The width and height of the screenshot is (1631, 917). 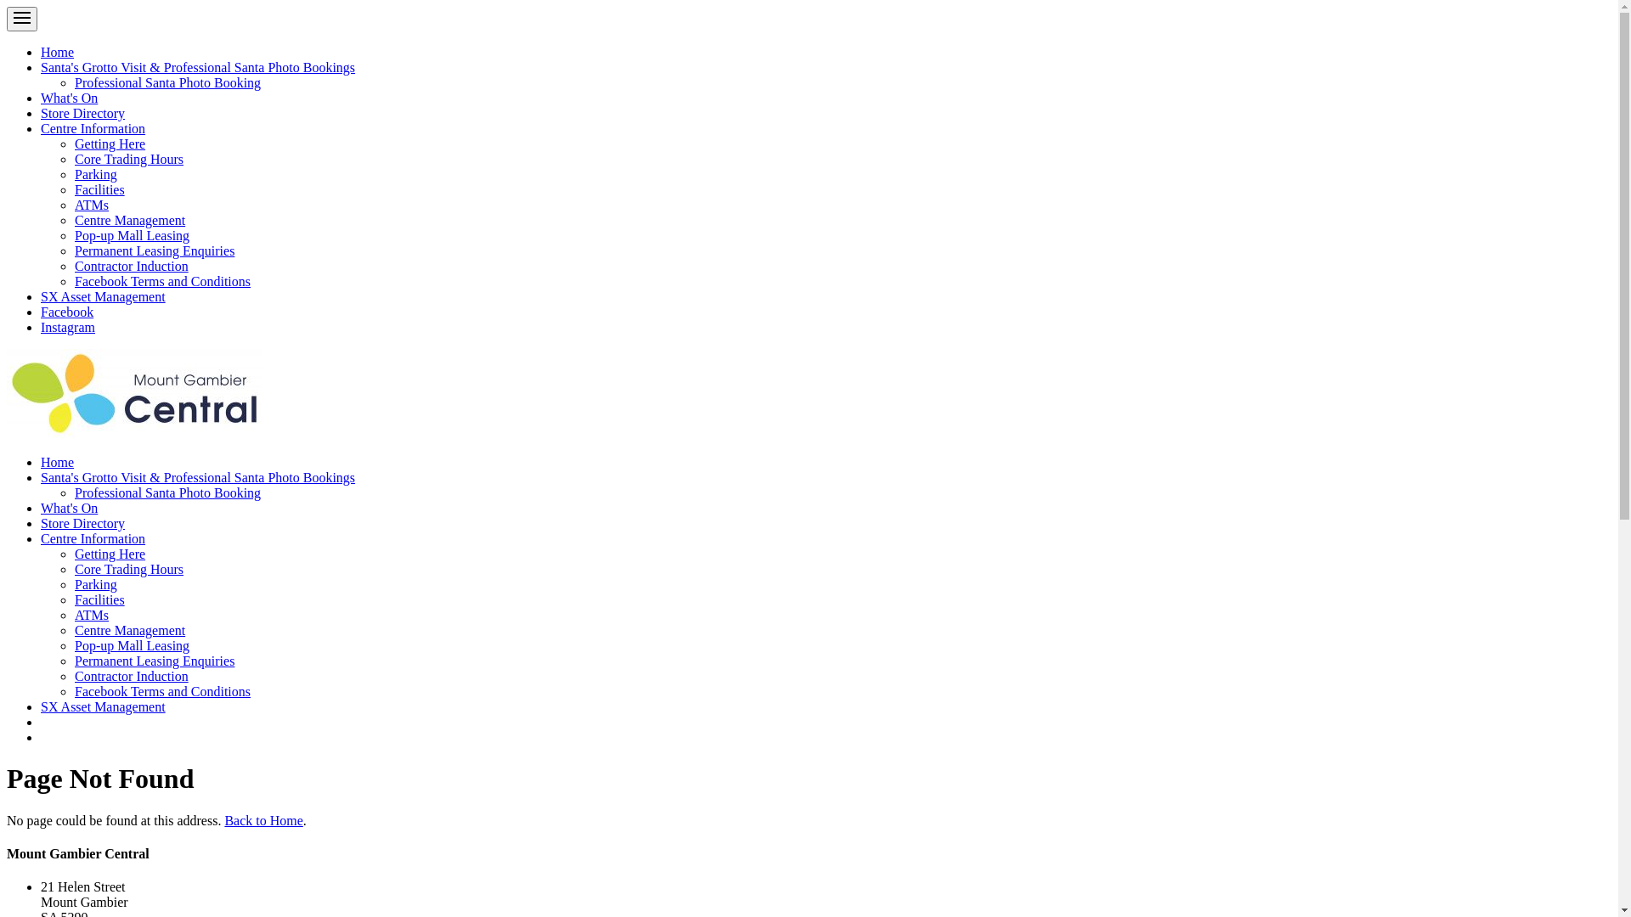 What do you see at coordinates (129, 219) in the screenshot?
I see `'Centre Management'` at bounding box center [129, 219].